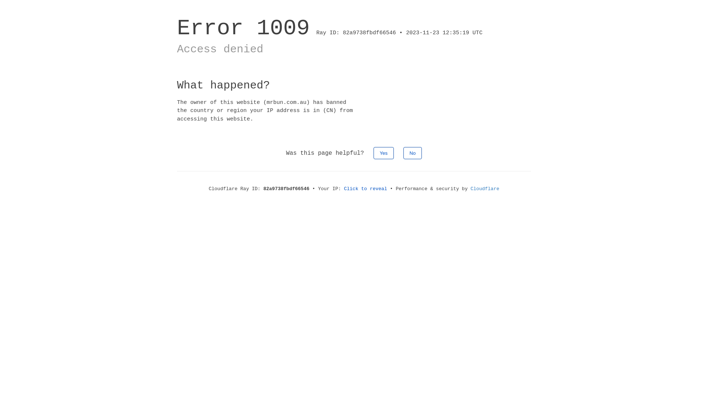 The width and height of the screenshot is (708, 398). Describe the element at coordinates (365, 188) in the screenshot. I see `'Click to reveal'` at that location.